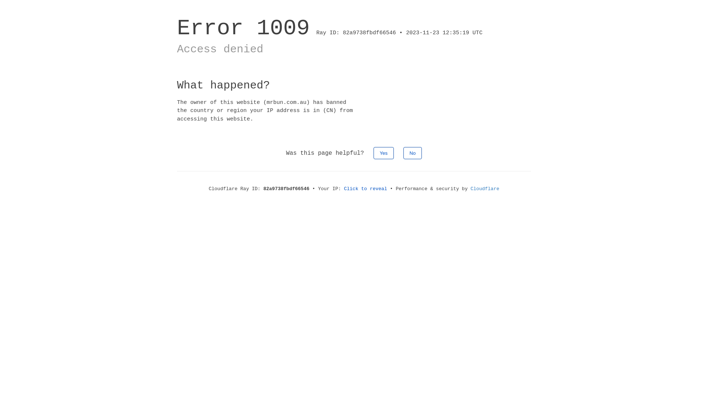 The width and height of the screenshot is (708, 398). Describe the element at coordinates (365, 188) in the screenshot. I see `'Click to reveal'` at that location.